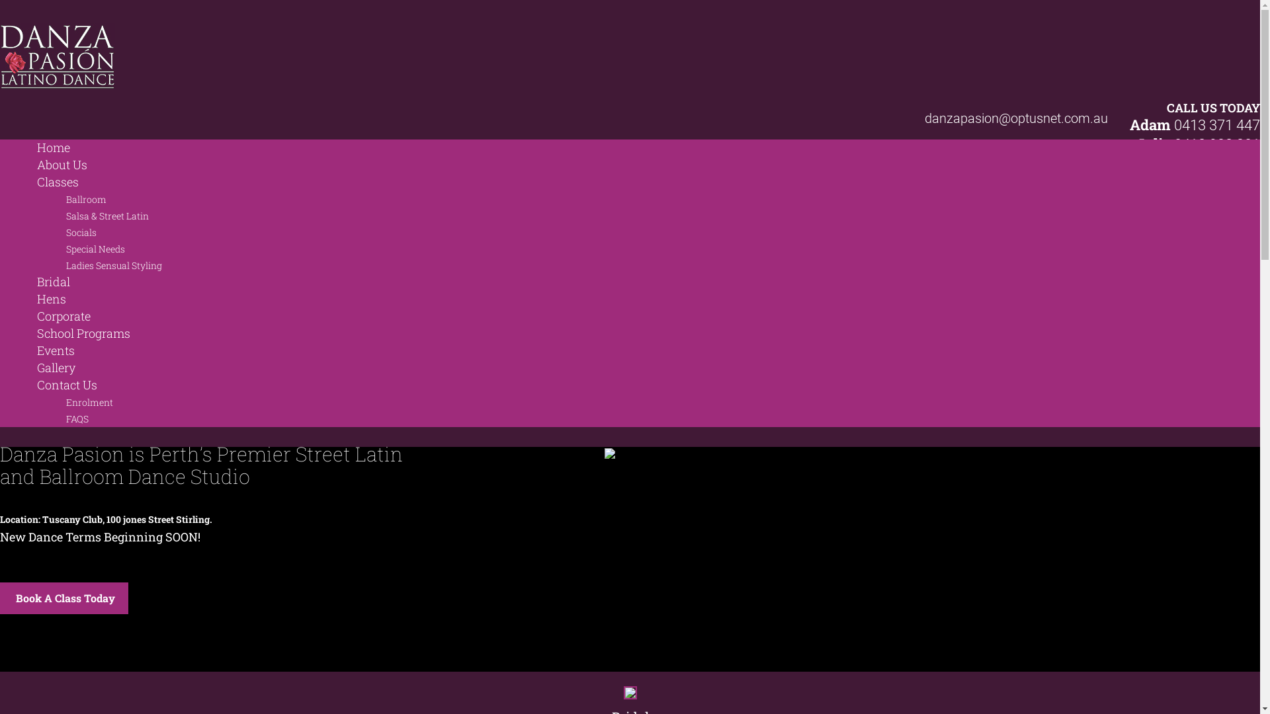  What do you see at coordinates (81, 231) in the screenshot?
I see `'Socials'` at bounding box center [81, 231].